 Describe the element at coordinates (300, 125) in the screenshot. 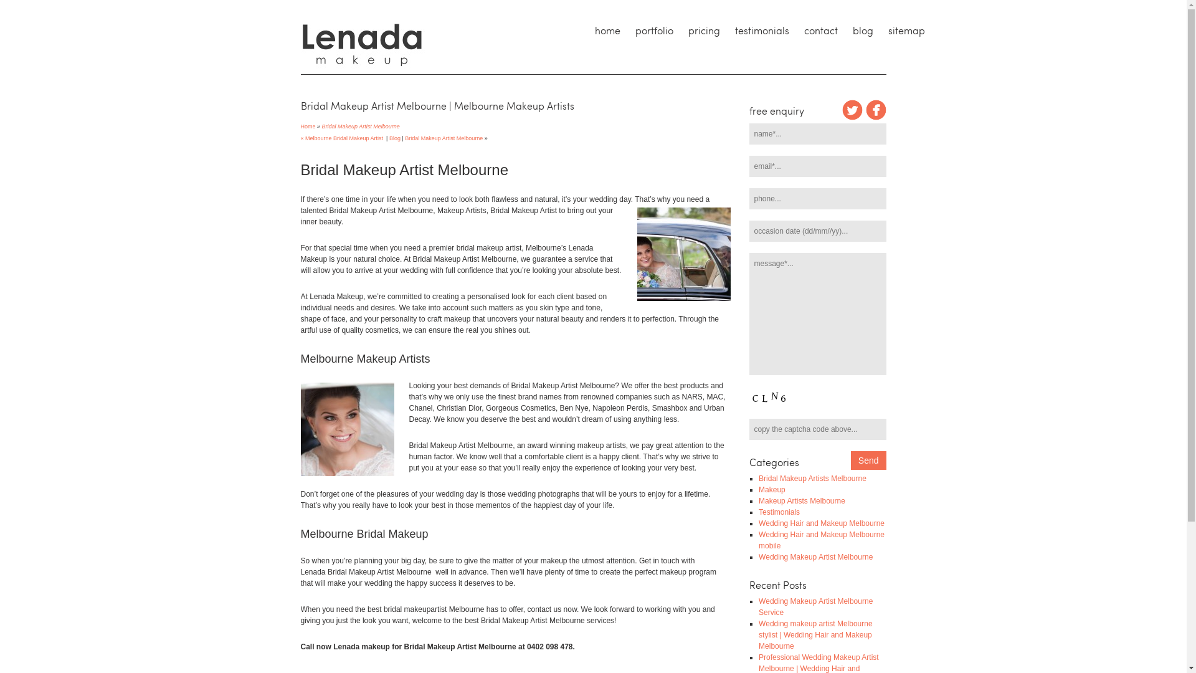

I see `'Home'` at that location.